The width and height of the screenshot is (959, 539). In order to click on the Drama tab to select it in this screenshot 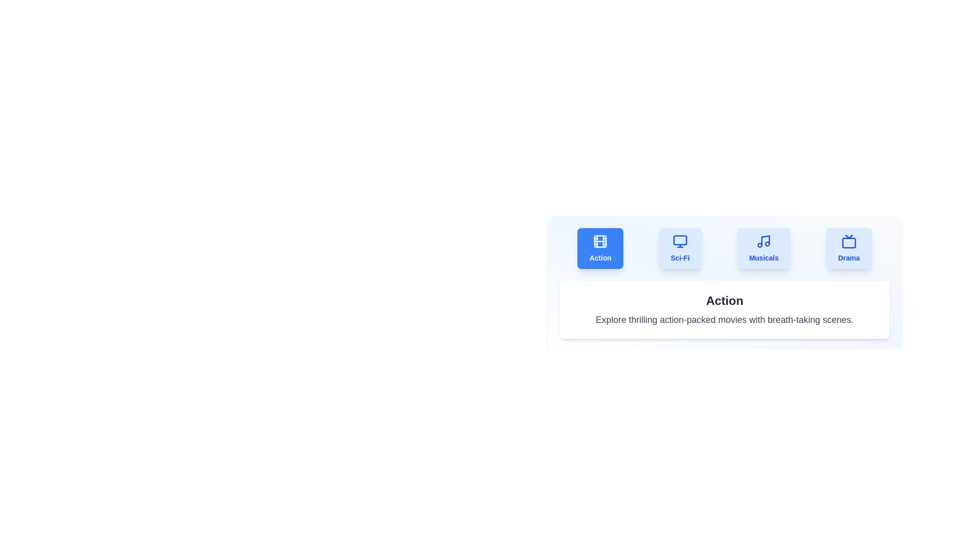, I will do `click(848, 248)`.